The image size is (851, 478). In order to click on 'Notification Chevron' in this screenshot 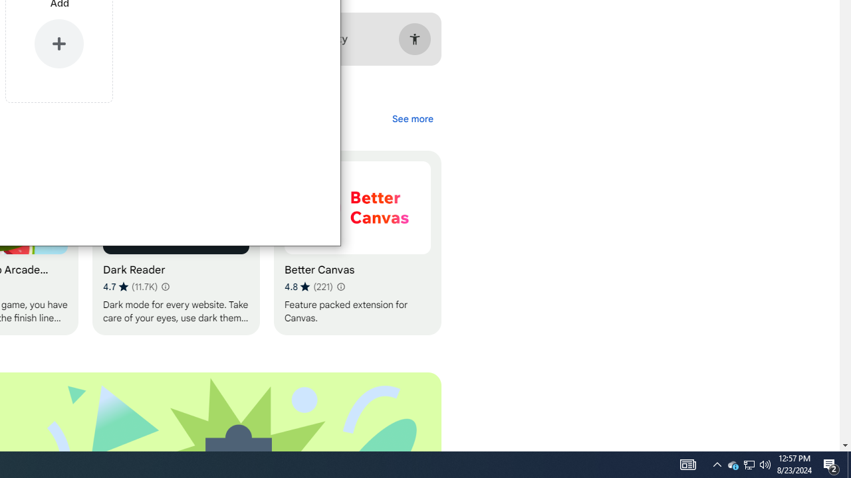, I will do `click(717, 463)`.